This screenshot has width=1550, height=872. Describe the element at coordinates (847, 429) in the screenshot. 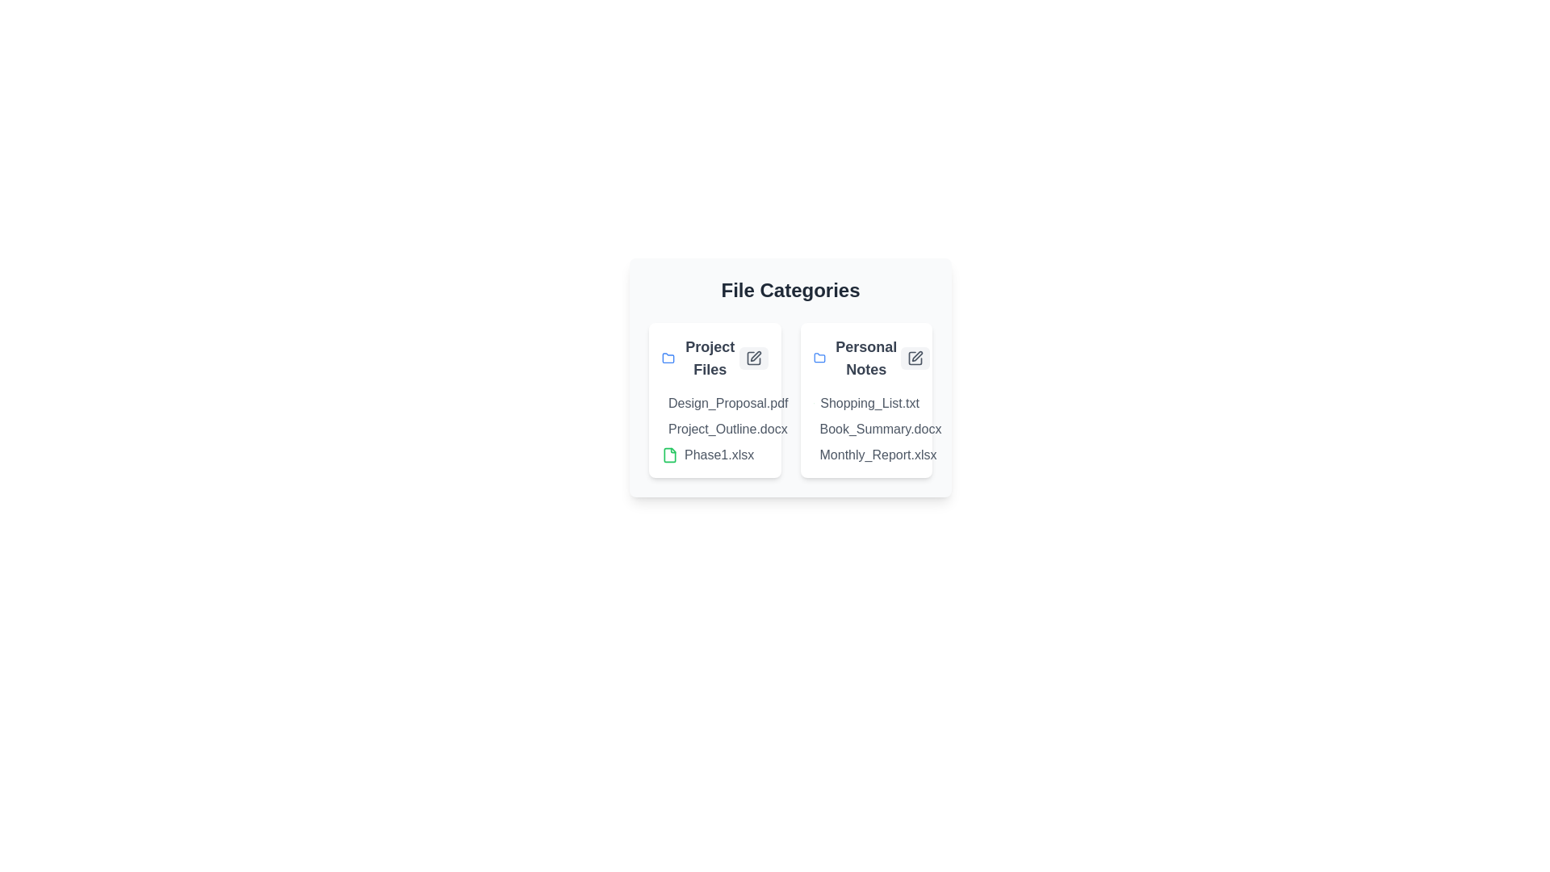

I see `the document named Book_Summary.docx` at that location.